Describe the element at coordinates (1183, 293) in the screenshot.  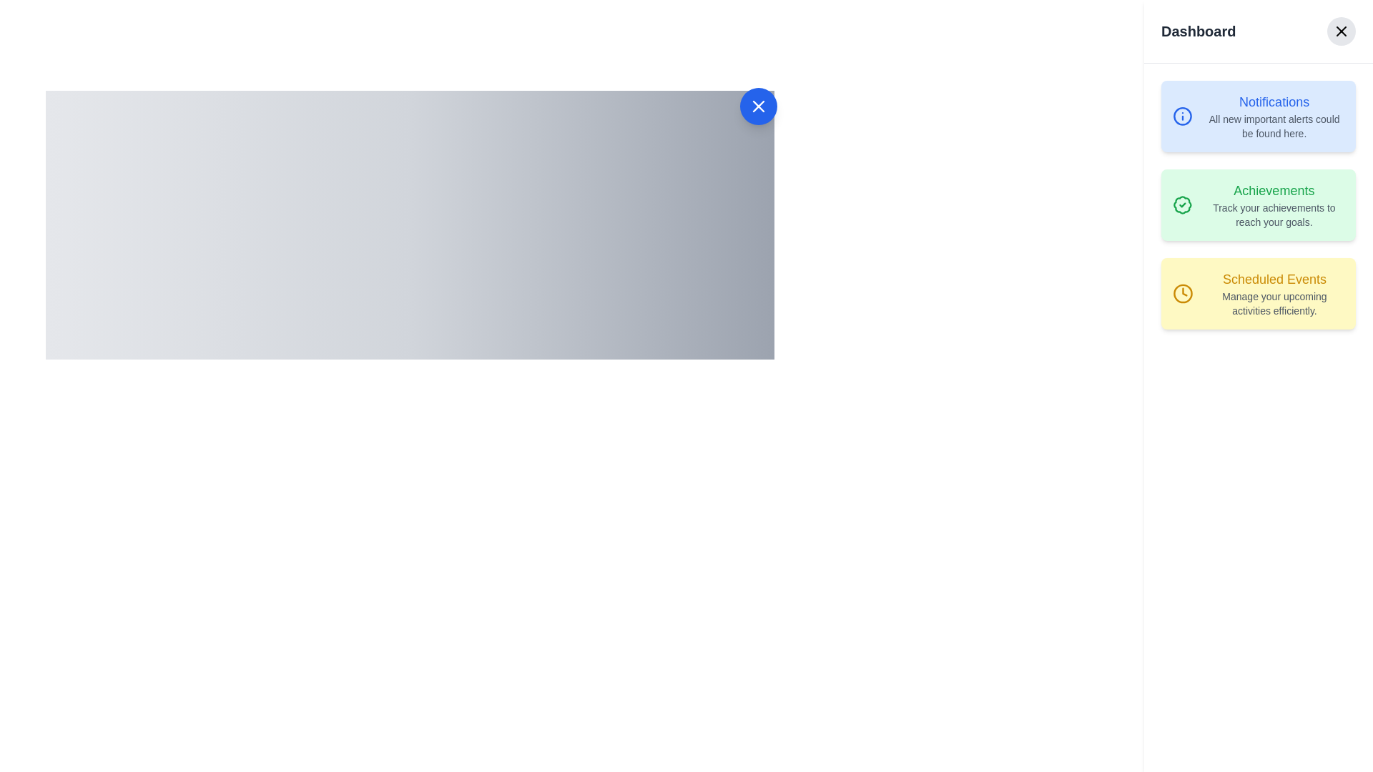
I see `the central circular shape of the clock icon in the 'Scheduled Events' section, which represents the functionality for scheduling and managing upcoming activities` at that location.